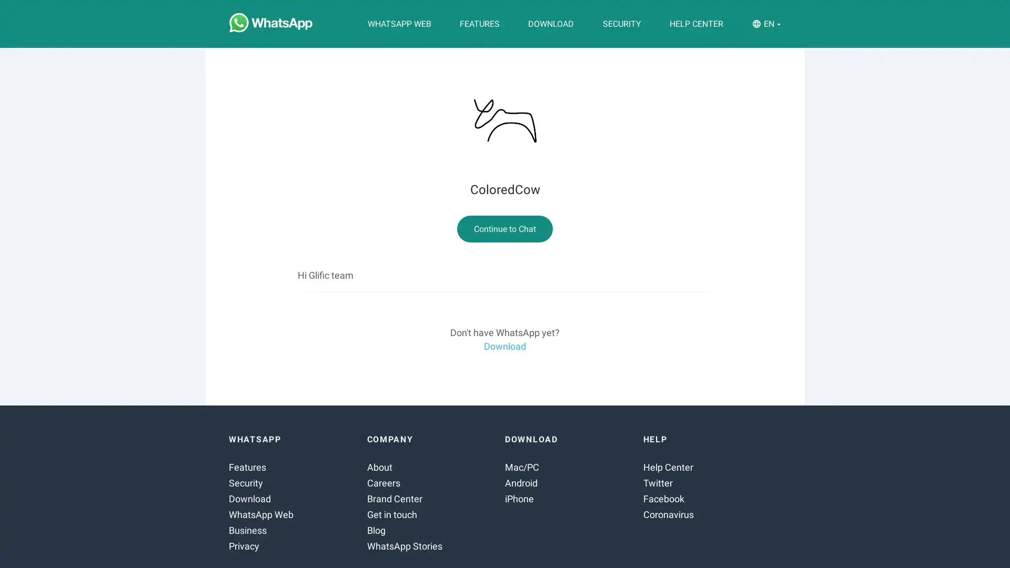 This screenshot has width=1010, height=568. I want to click on EN, so click(766, 24).